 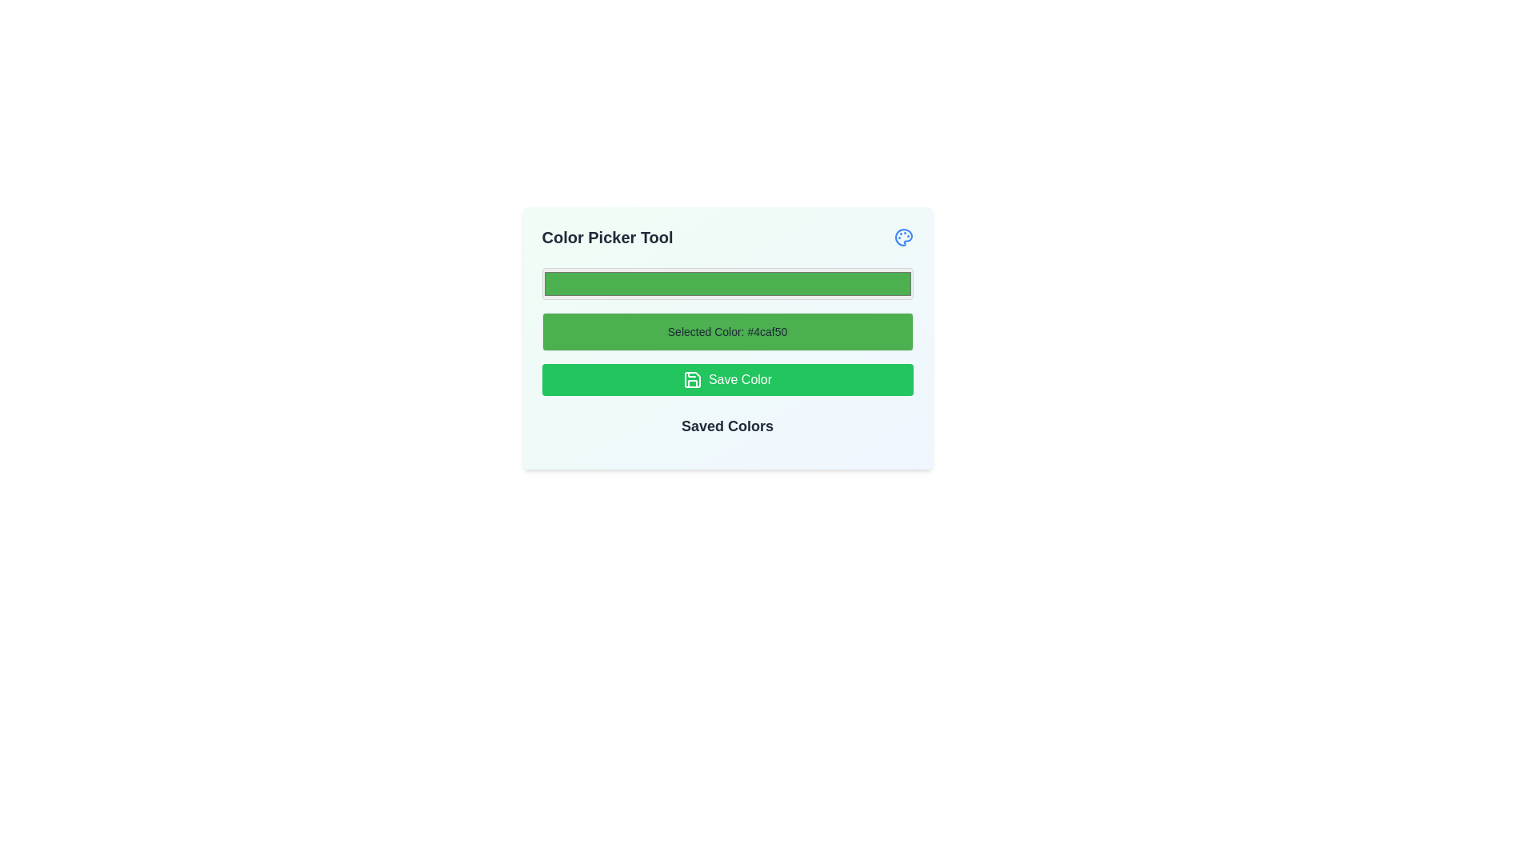 What do you see at coordinates (726, 379) in the screenshot?
I see `the 'Save Color' button, which is a green button with rounded corners and white text, located below the 'Selected Color' display and above the 'Saved Colors' section in the 'Color Picker Tool'` at bounding box center [726, 379].